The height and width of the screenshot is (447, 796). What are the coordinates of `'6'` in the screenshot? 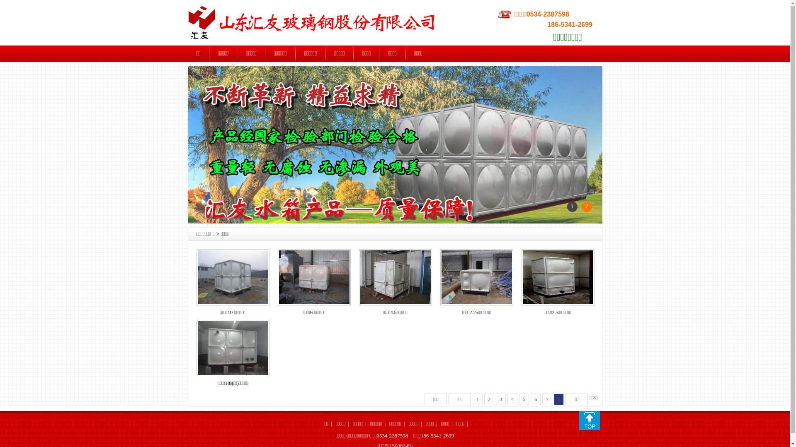 It's located at (535, 399).